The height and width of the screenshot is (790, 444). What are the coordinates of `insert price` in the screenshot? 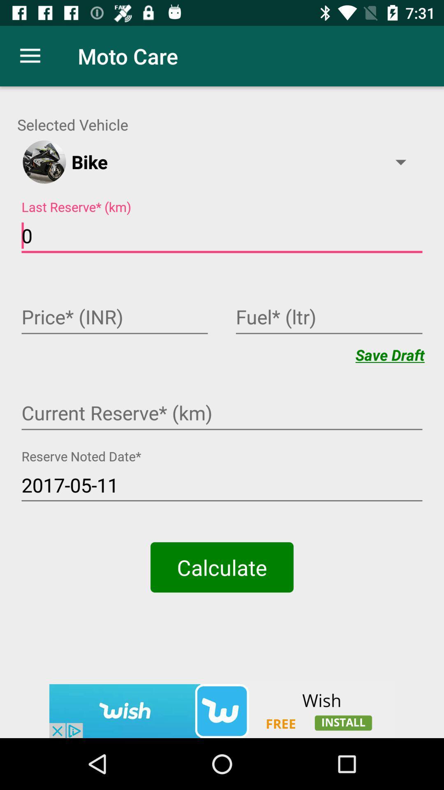 It's located at (114, 318).